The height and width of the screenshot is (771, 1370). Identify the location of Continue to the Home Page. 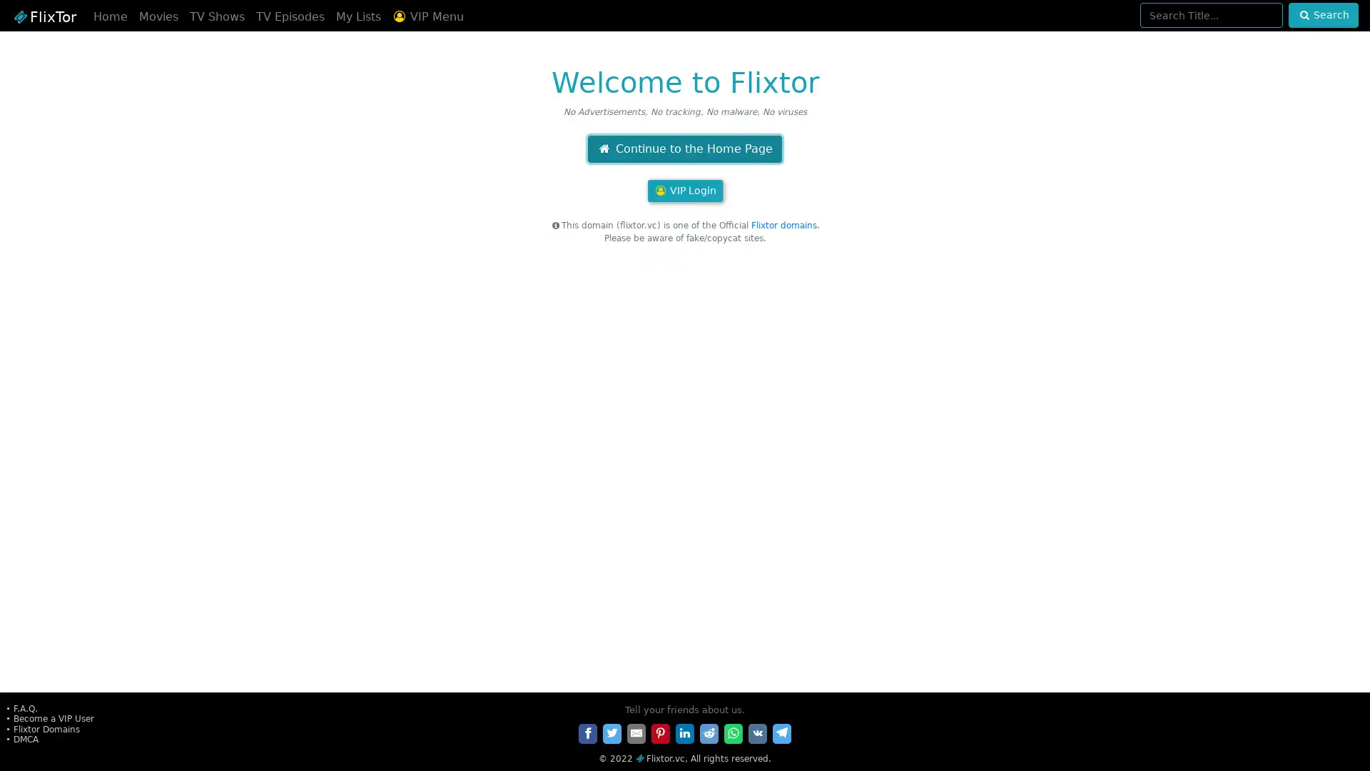
(684, 148).